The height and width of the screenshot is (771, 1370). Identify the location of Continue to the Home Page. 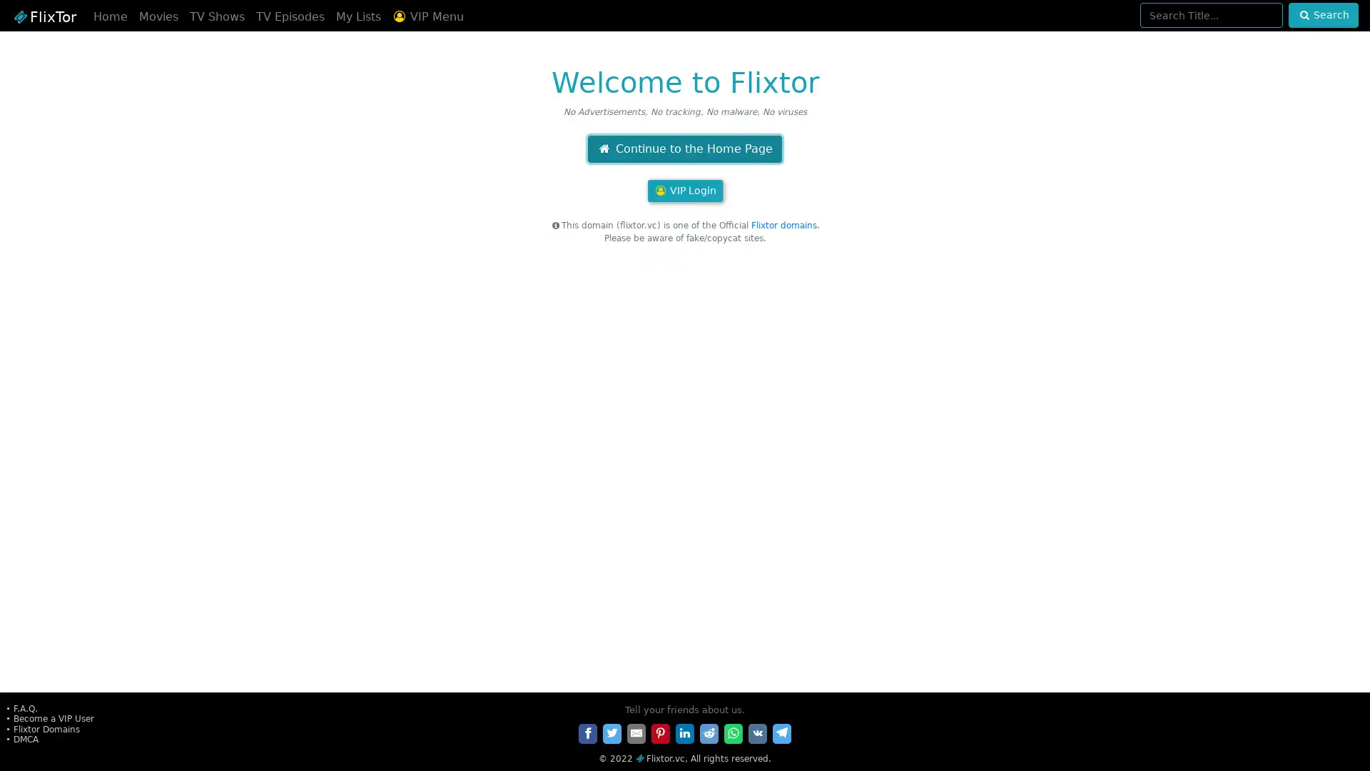
(684, 148).